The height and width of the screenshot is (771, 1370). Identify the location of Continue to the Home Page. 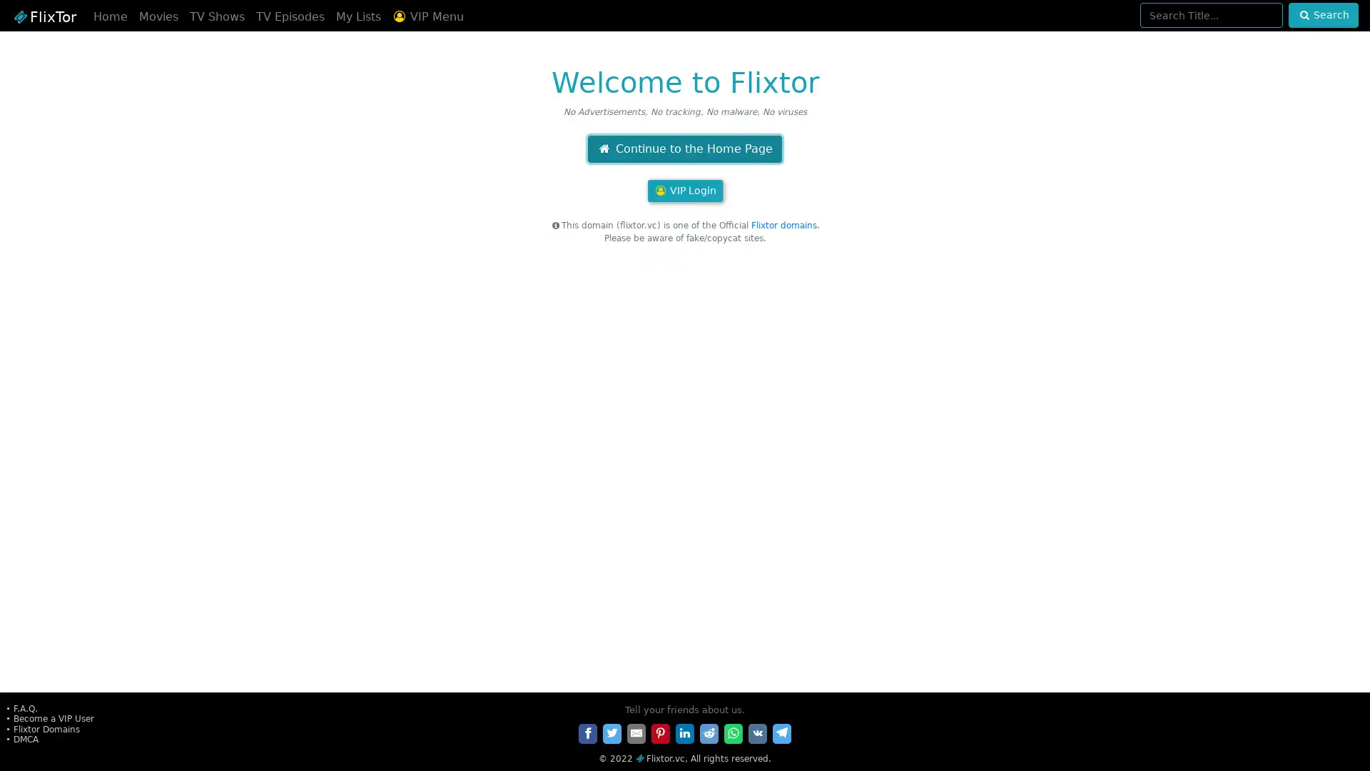
(684, 148).